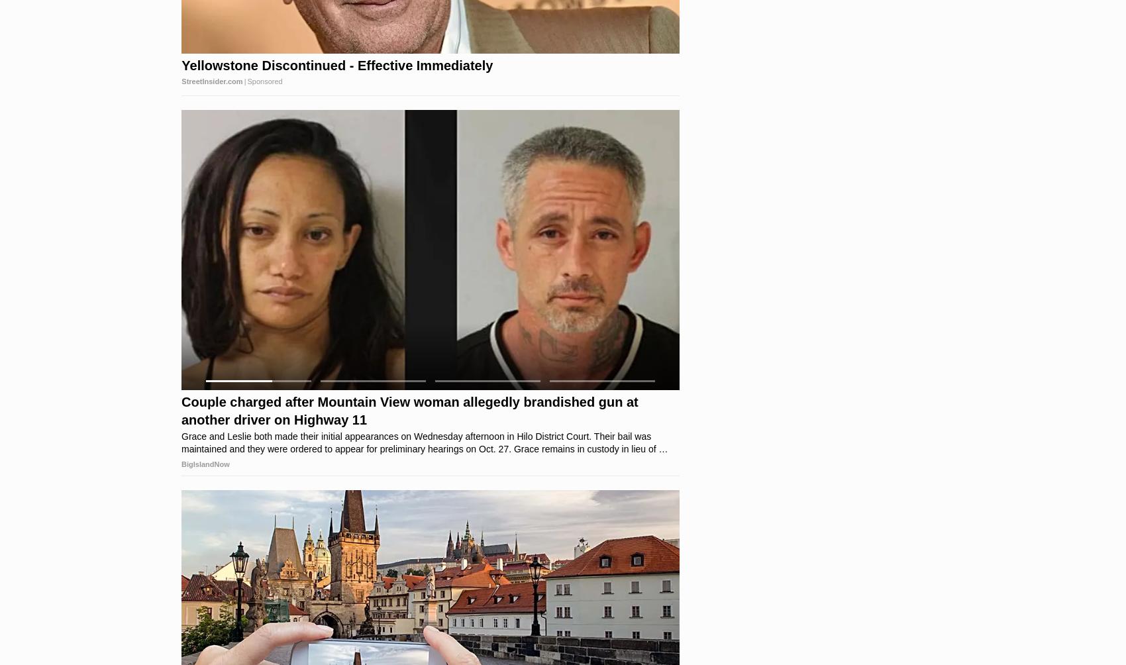  Describe the element at coordinates (409, 411) in the screenshot. I see `'Couple charged after Mountain View woman allegedly brandished gun at another driver on Highway 11'` at that location.